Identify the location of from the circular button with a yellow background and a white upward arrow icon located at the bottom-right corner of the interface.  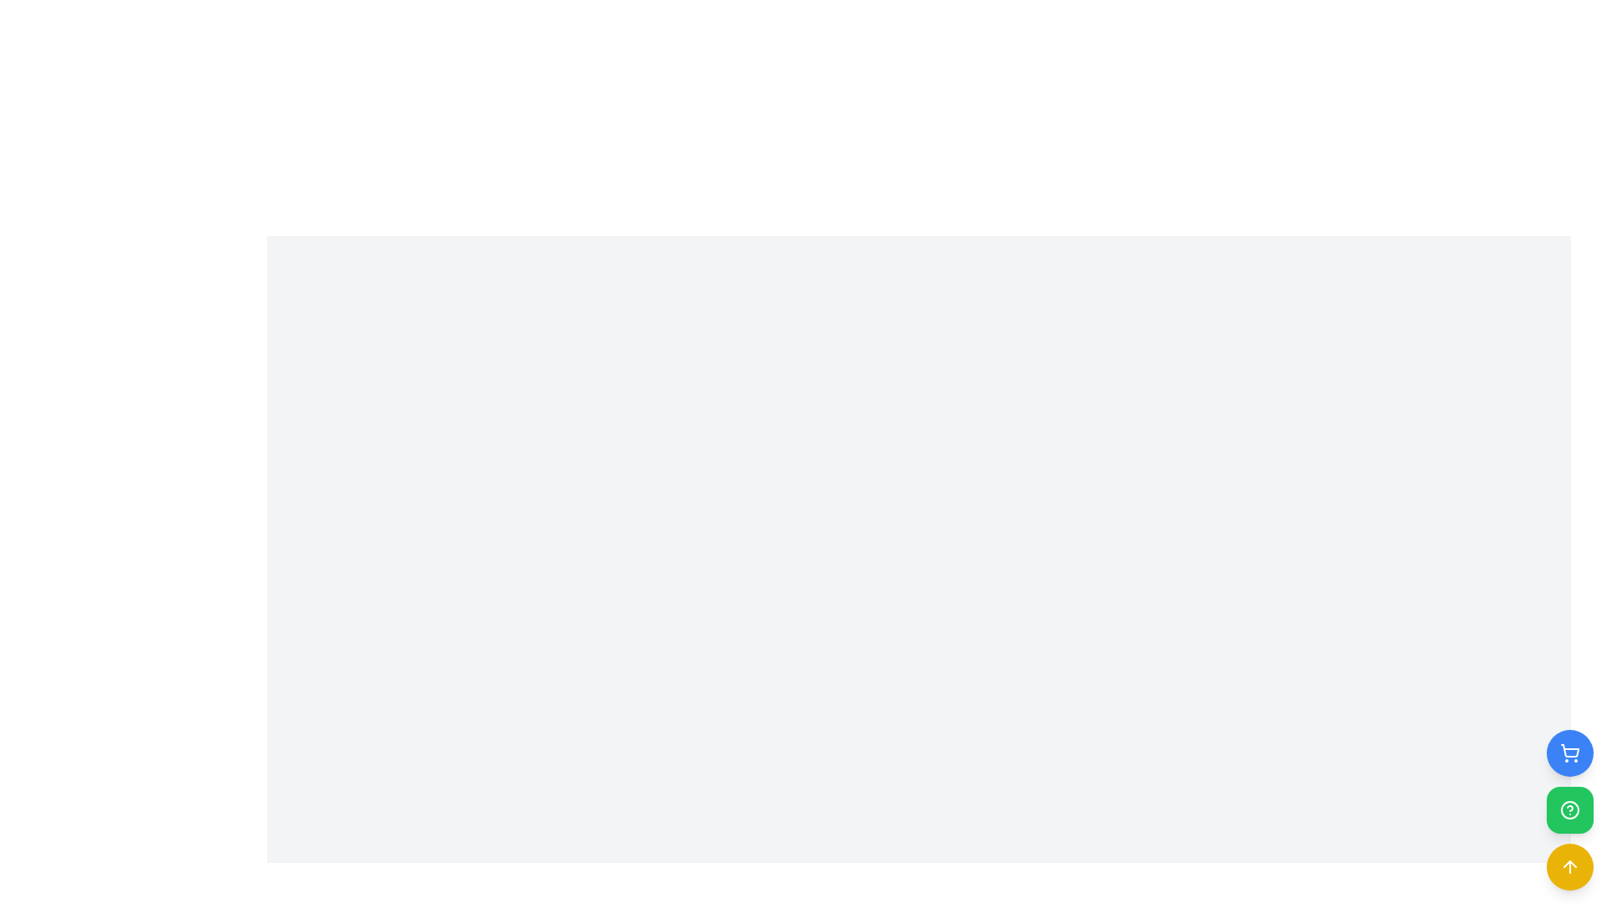
(1569, 866).